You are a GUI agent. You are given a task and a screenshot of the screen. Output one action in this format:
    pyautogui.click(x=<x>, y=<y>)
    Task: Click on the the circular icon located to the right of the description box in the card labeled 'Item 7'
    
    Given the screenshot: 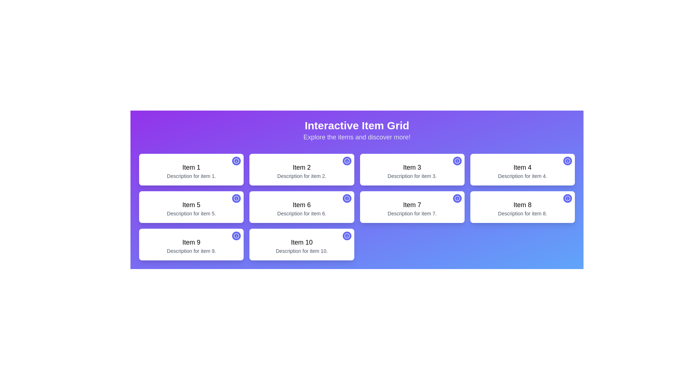 What is the action you would take?
    pyautogui.click(x=457, y=198)
    